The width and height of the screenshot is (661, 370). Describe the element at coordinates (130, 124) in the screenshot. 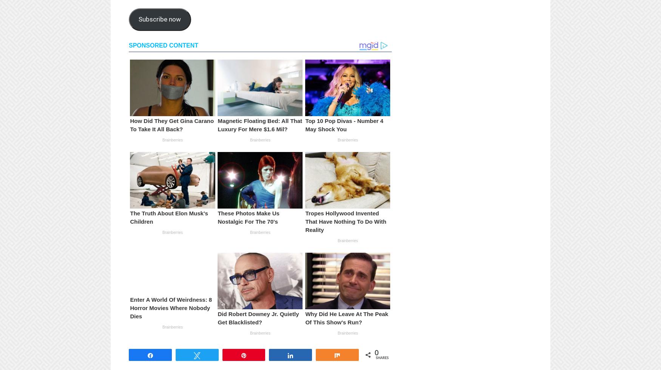

I see `'How Did They Get Gina Carano To Take It All Back?'` at that location.